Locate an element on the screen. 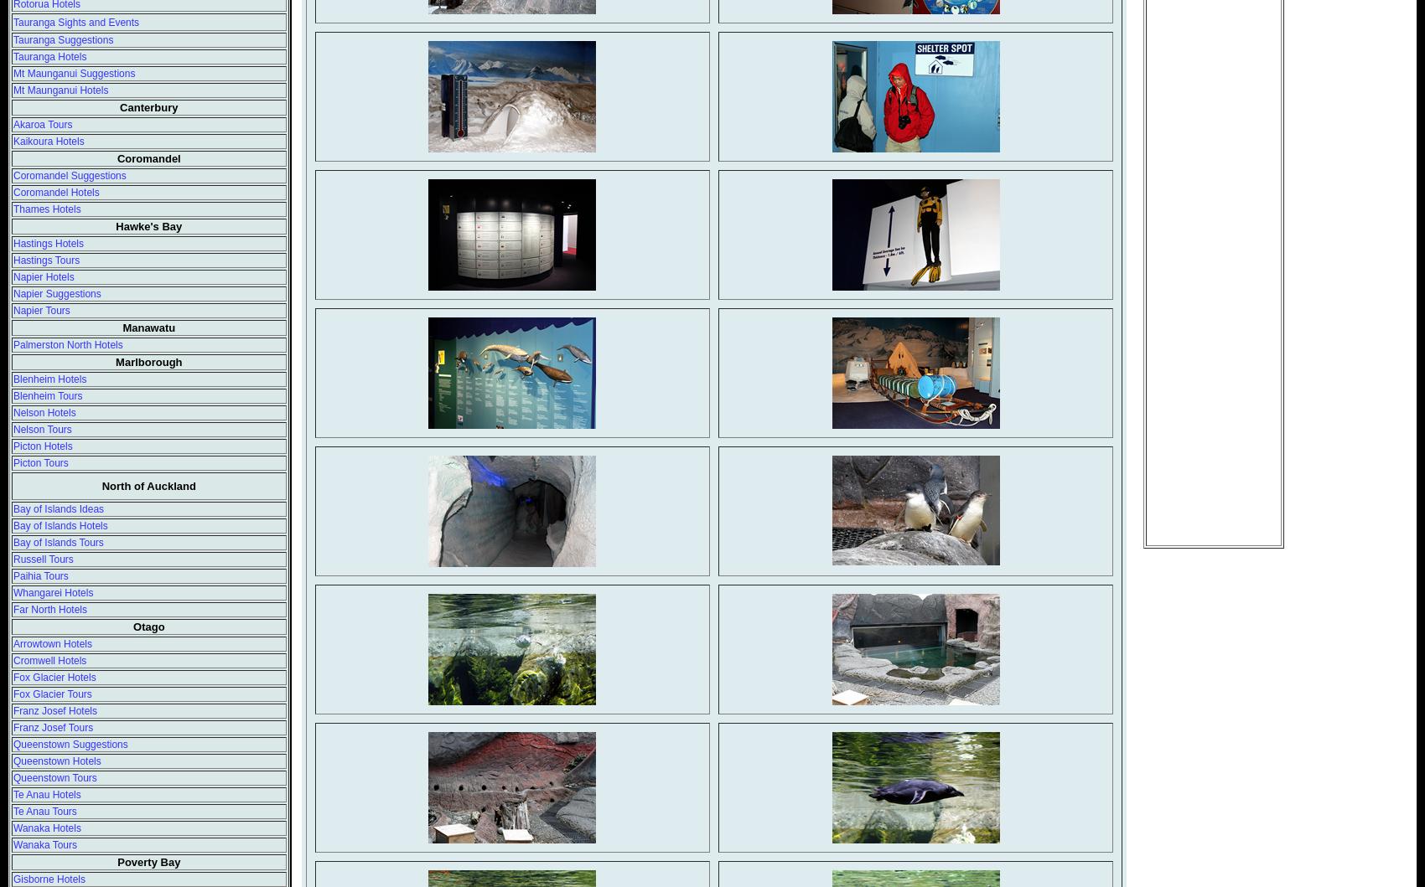 Image resolution: width=1425 pixels, height=887 pixels. 'Coromandel' is located at coordinates (147, 157).